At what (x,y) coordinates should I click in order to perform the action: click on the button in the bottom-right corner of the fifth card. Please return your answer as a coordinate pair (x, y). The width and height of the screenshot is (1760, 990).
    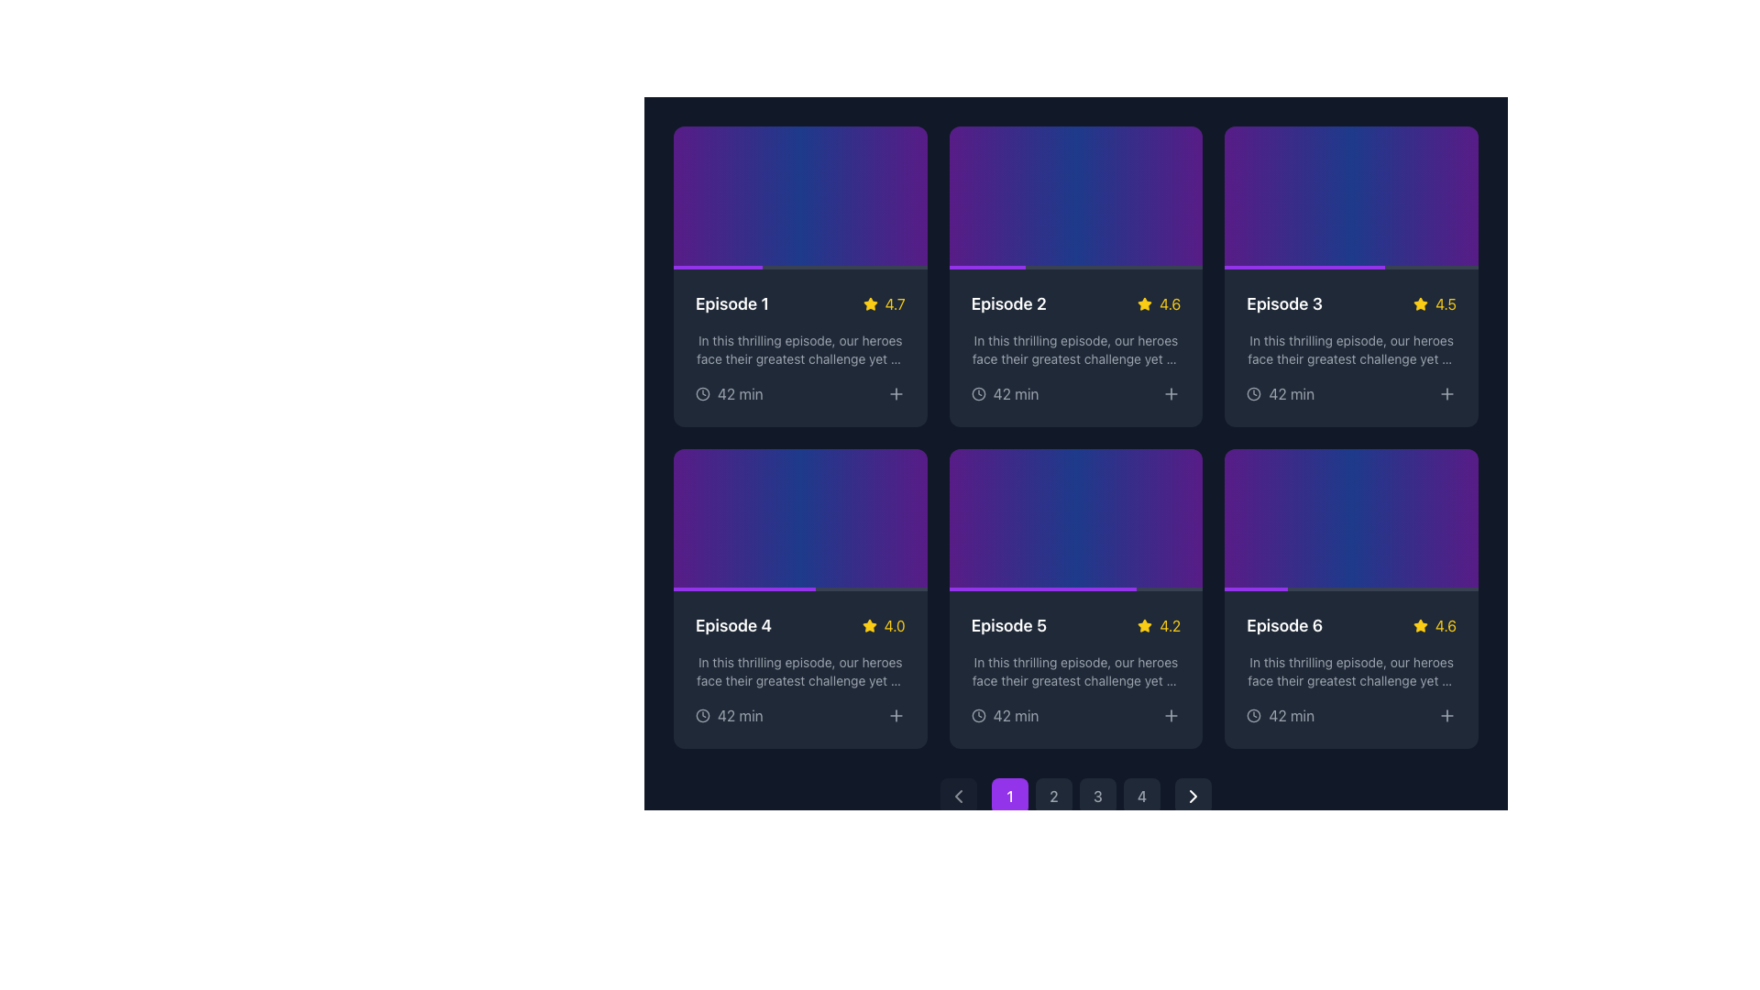
    Looking at the image, I should click on (1170, 714).